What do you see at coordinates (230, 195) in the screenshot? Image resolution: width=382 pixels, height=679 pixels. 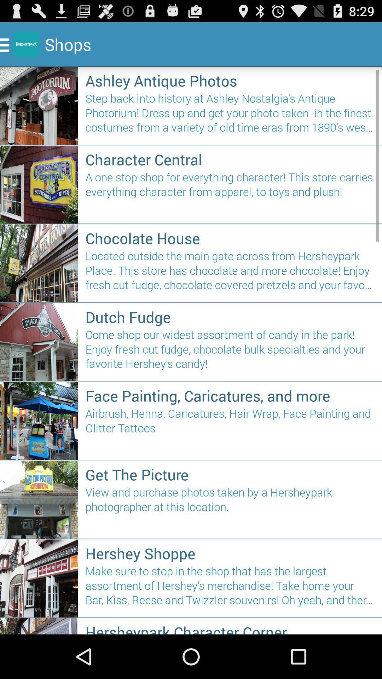 I see `a one stop` at bounding box center [230, 195].